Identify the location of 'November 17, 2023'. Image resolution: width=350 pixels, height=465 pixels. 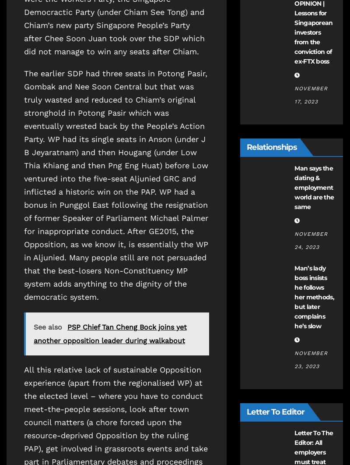
(311, 94).